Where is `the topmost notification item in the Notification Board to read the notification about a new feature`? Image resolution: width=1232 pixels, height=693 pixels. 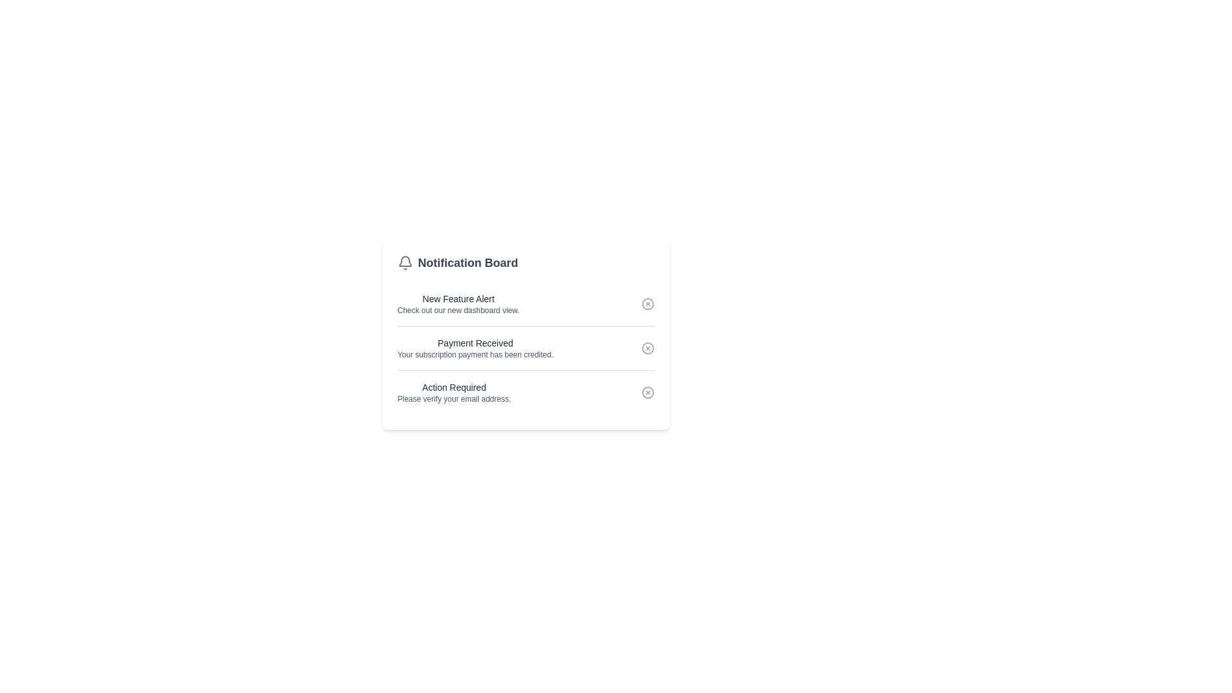
the topmost notification item in the Notification Board to read the notification about a new feature is located at coordinates (526, 304).